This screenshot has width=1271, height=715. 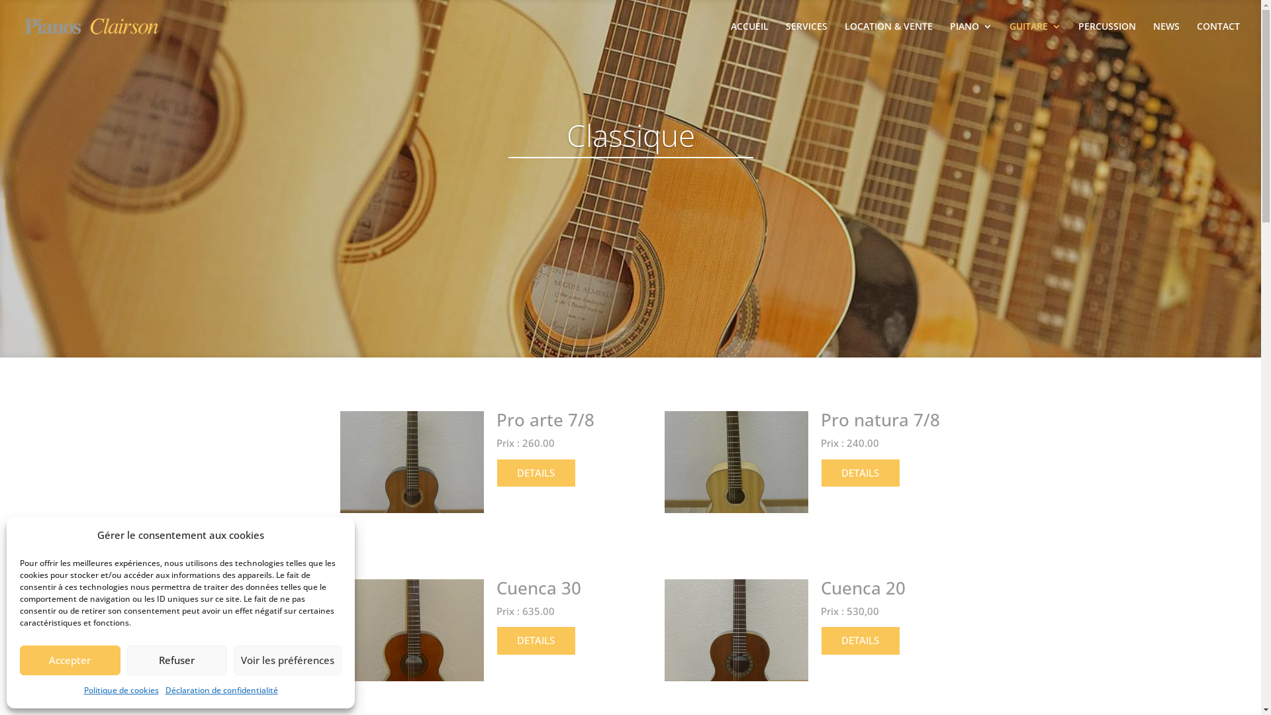 What do you see at coordinates (1107, 36) in the screenshot?
I see `'PERCUSSION'` at bounding box center [1107, 36].